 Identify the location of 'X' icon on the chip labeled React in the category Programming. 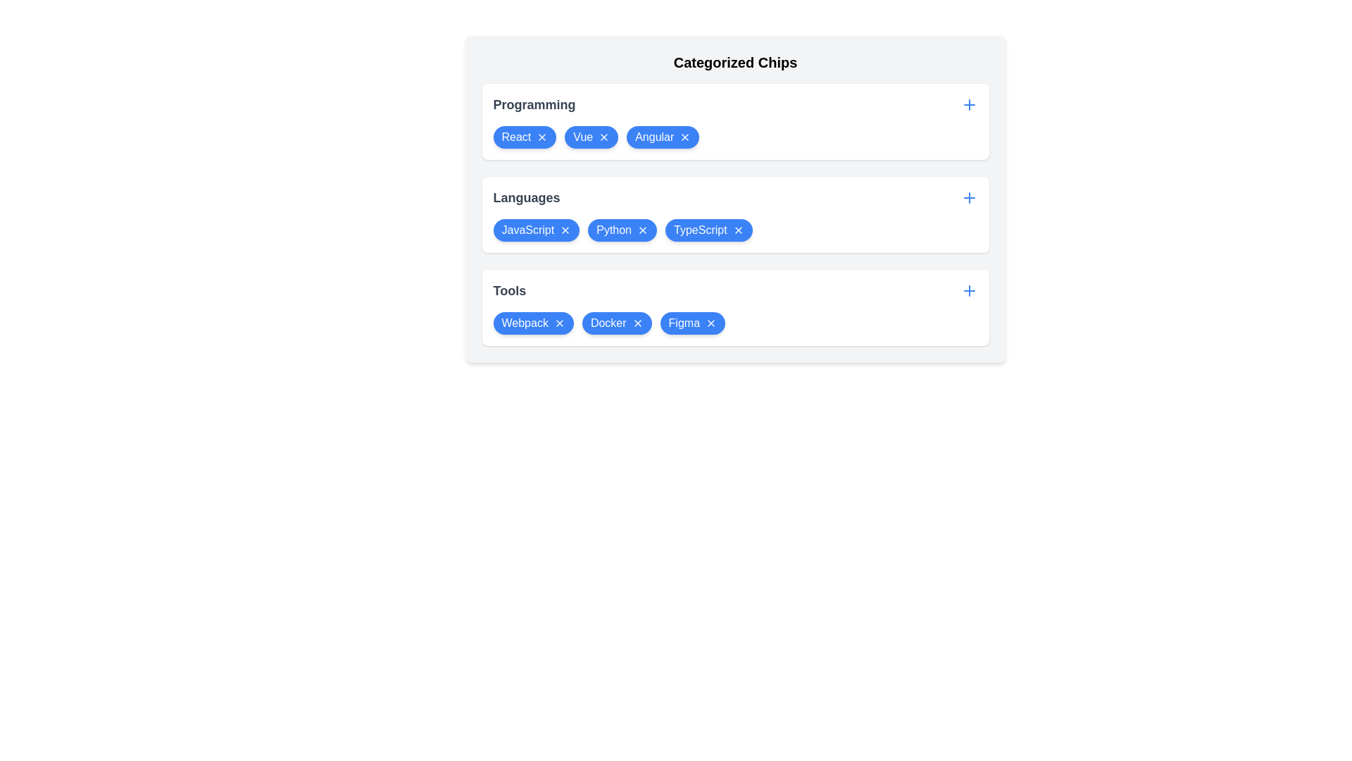
(542, 137).